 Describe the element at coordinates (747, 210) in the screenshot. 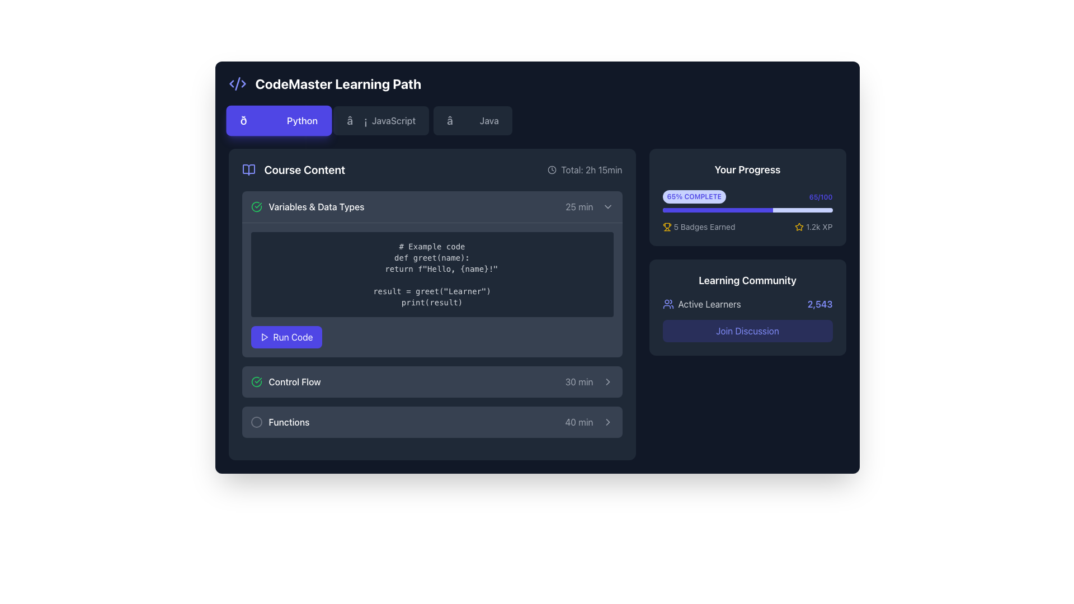

I see `the progress bar located in the 'Your Progress' section, which visually indicates 65% completion with a thin, rounded structure and a blue background` at that location.